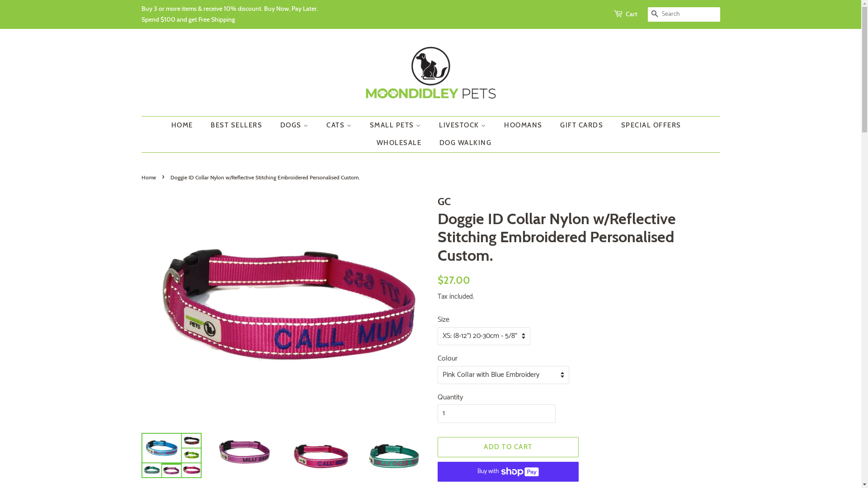  Describe the element at coordinates (396, 125) in the screenshot. I see `'SMALL PETS'` at that location.